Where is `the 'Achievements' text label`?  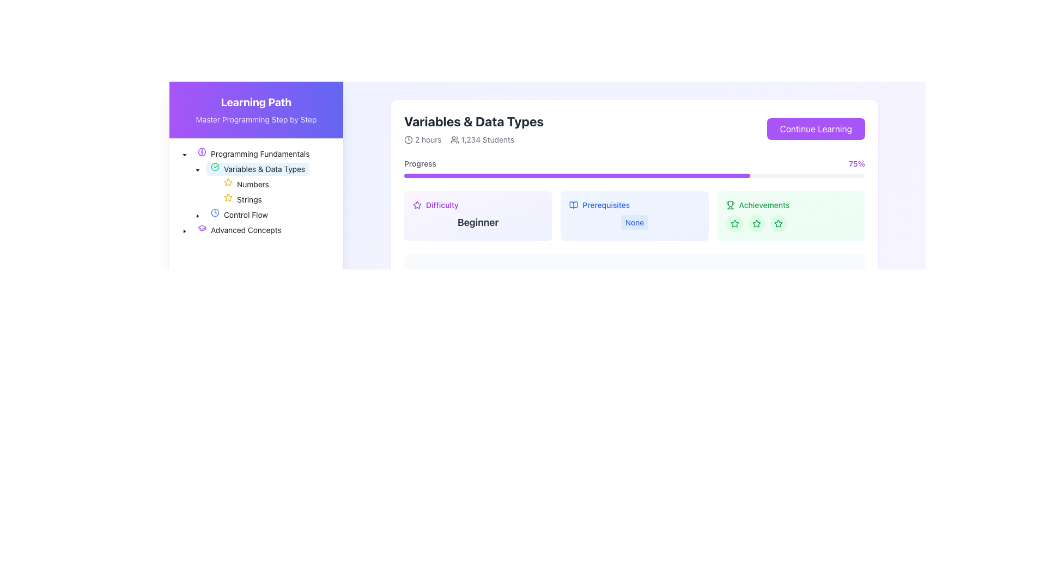
the 'Achievements' text label is located at coordinates (764, 205).